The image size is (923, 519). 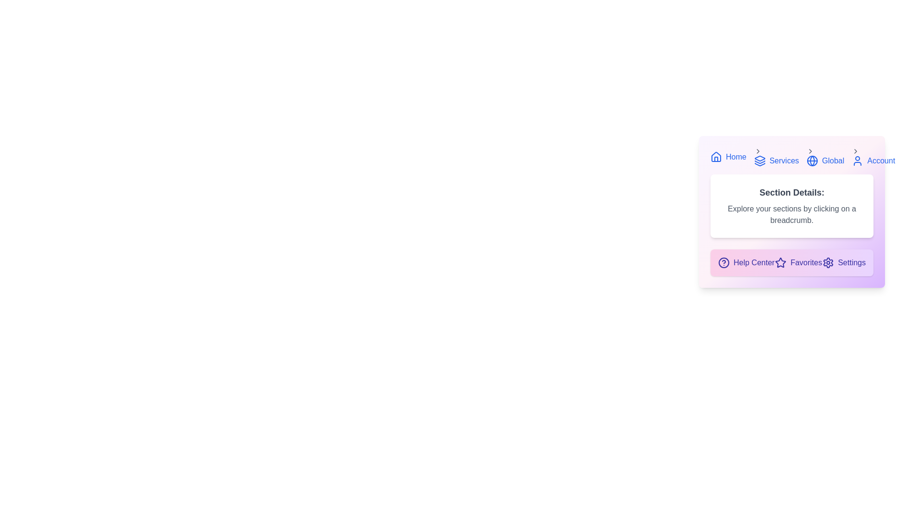 What do you see at coordinates (781, 263) in the screenshot?
I see `the 'Favorites' icon located in the horizontal menu bar` at bounding box center [781, 263].